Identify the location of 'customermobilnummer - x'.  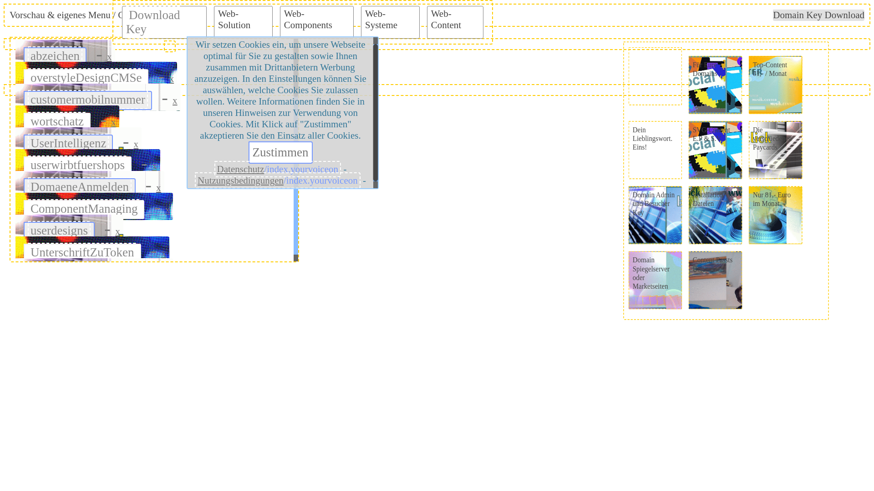
(98, 97).